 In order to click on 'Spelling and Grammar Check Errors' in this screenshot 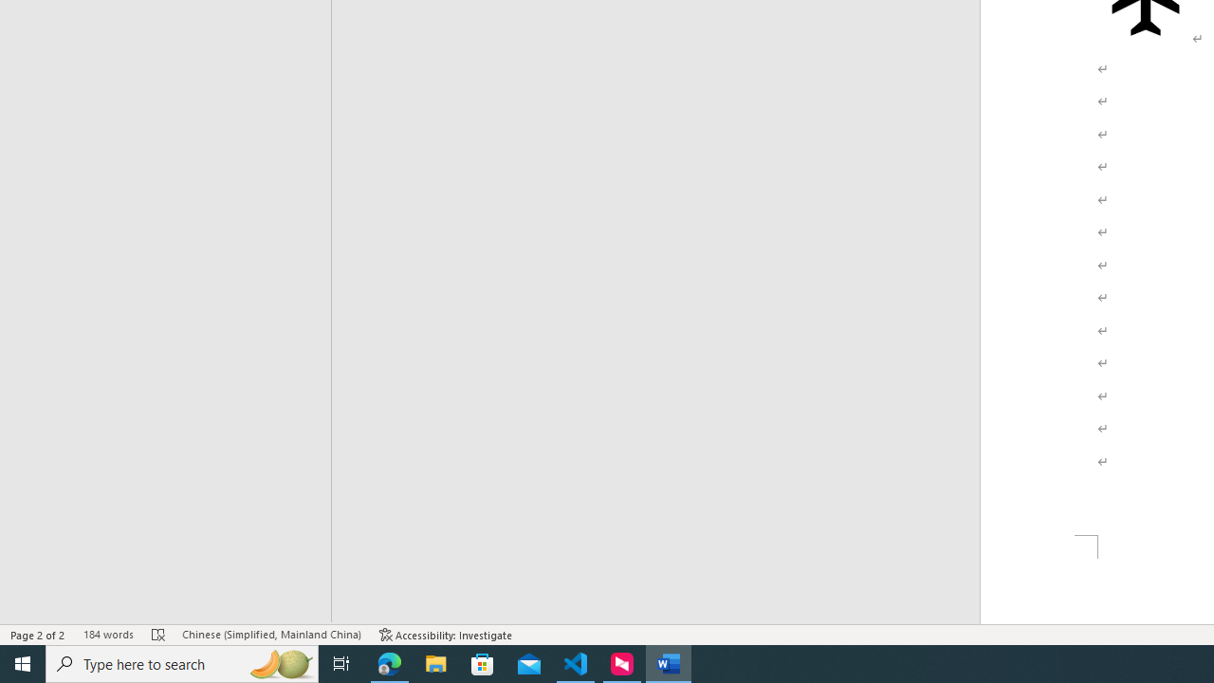, I will do `click(159, 635)`.